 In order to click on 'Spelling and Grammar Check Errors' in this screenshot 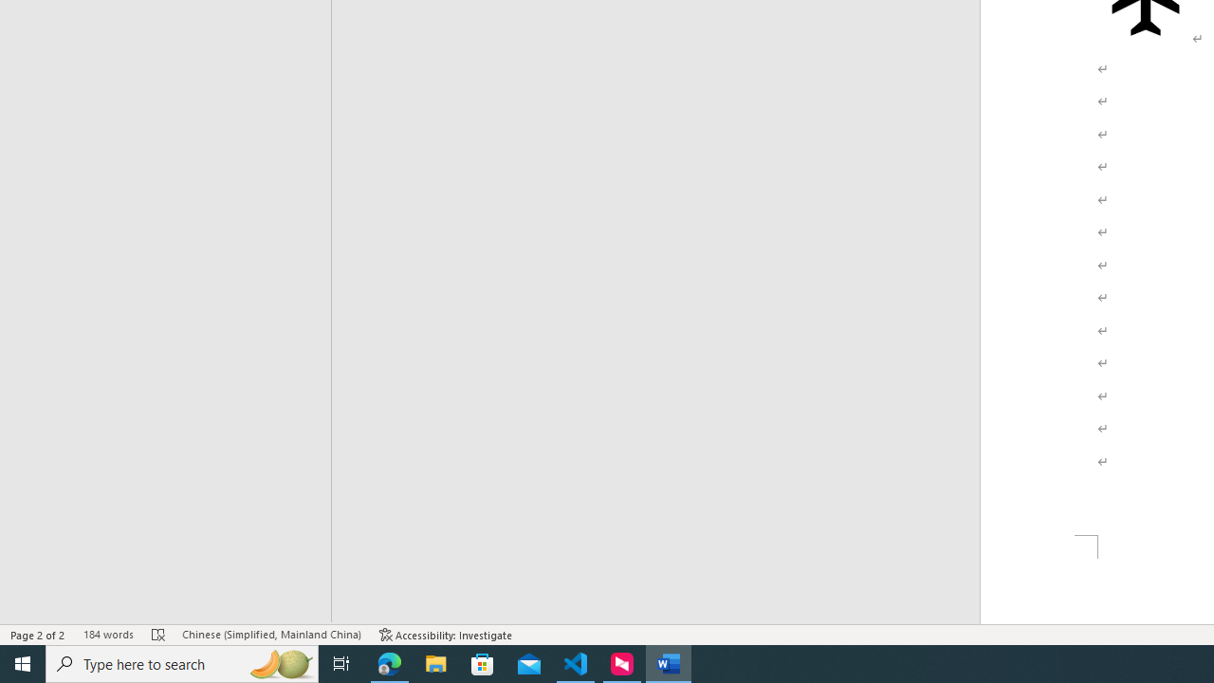, I will do `click(159, 635)`.